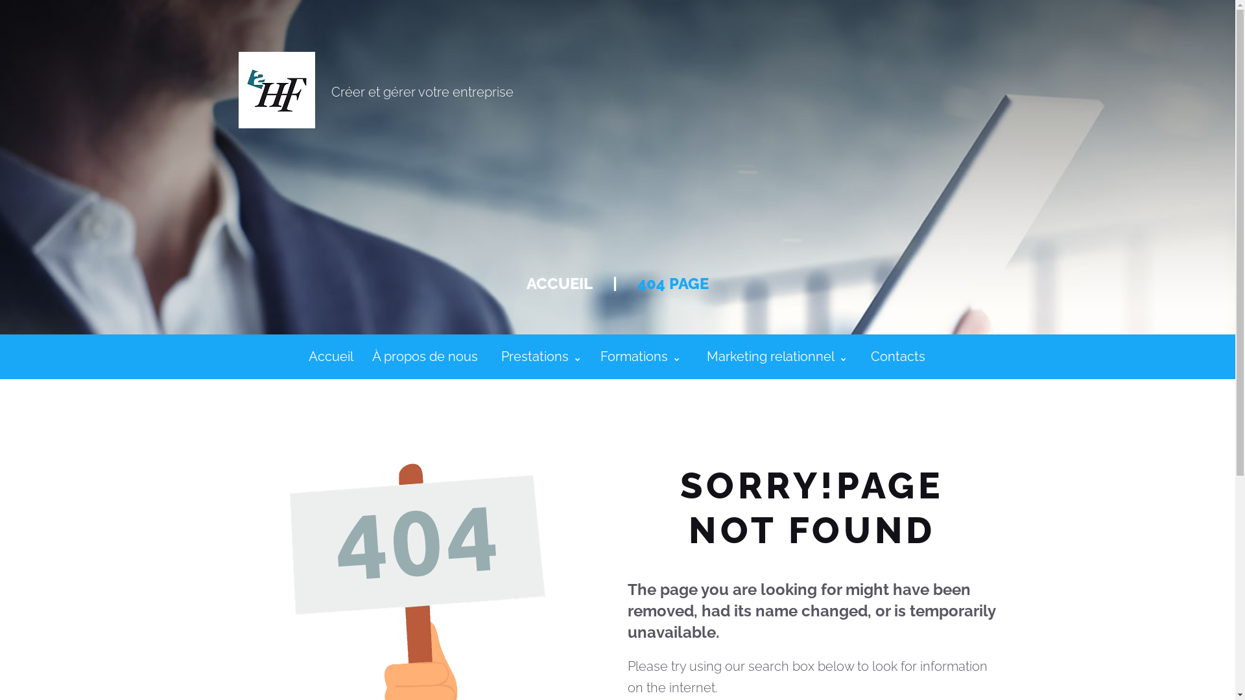  Describe the element at coordinates (560, 283) in the screenshot. I see `'ACCUEIL'` at that location.